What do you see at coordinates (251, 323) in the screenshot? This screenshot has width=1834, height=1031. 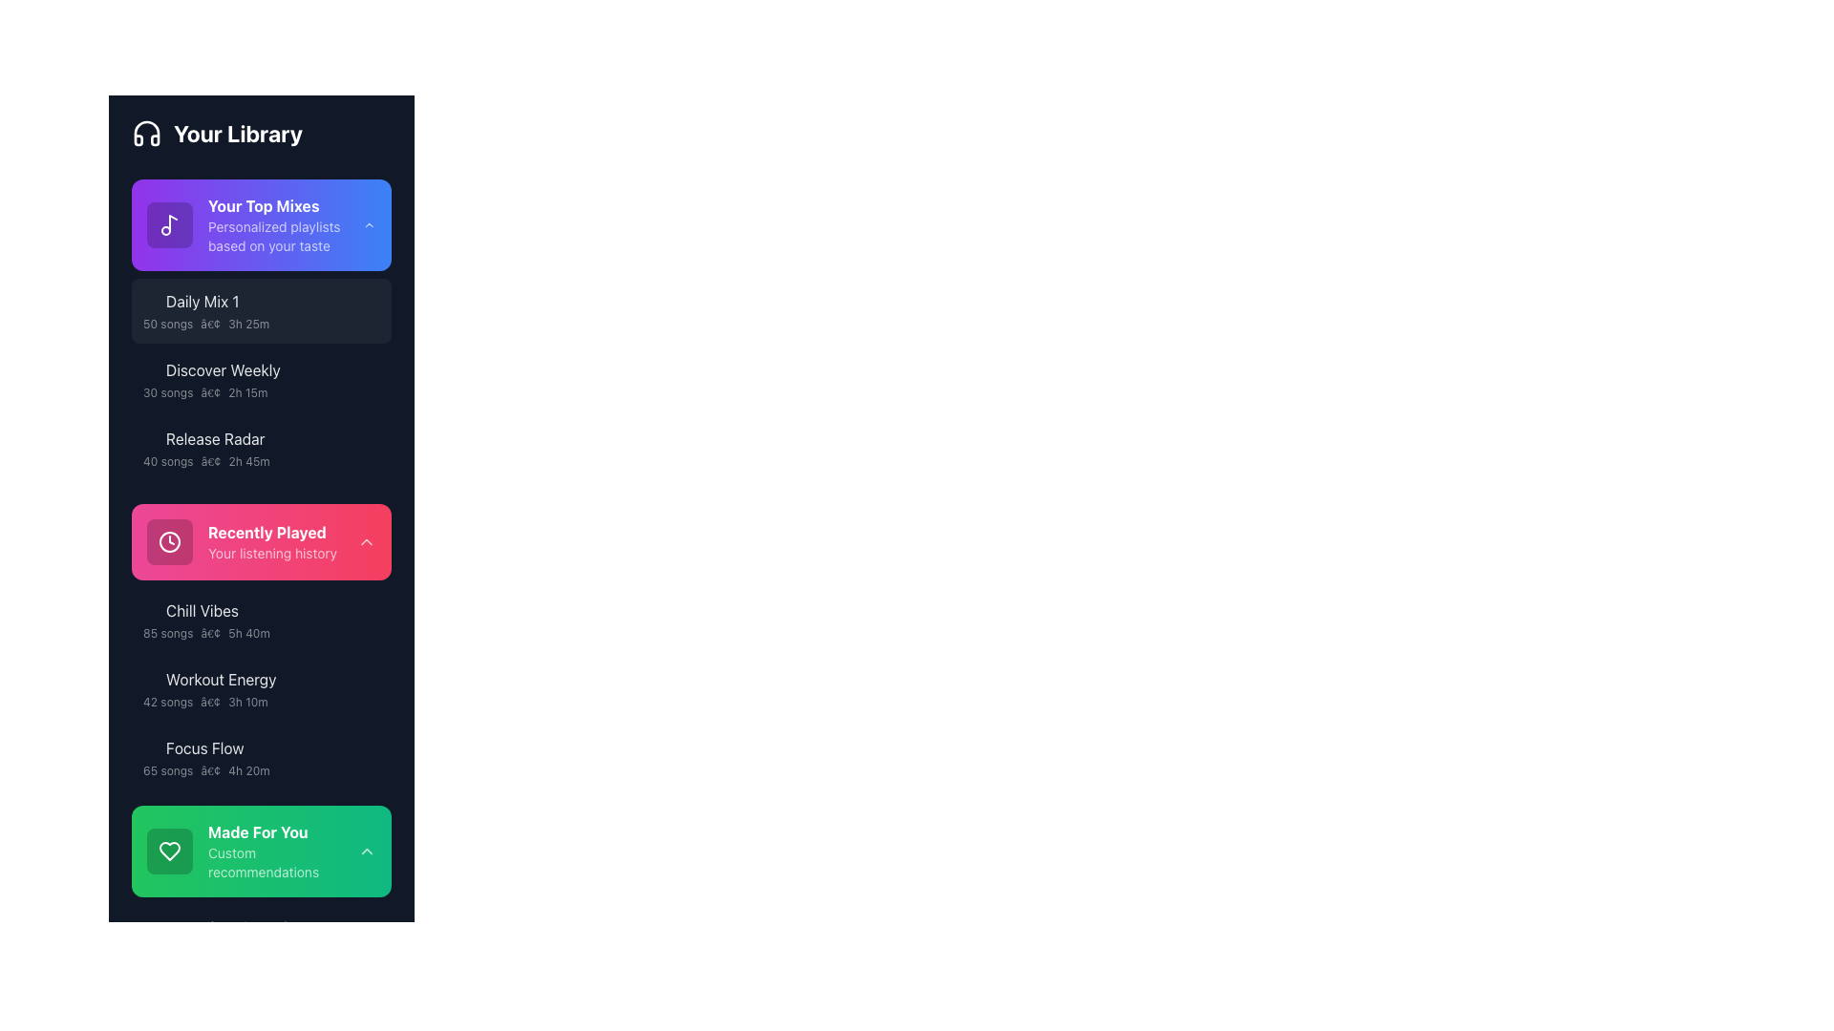 I see `the Text label providing additional details about the playlist, located directly below 'Daily Mix 1' and being the second visible element from the top` at bounding box center [251, 323].